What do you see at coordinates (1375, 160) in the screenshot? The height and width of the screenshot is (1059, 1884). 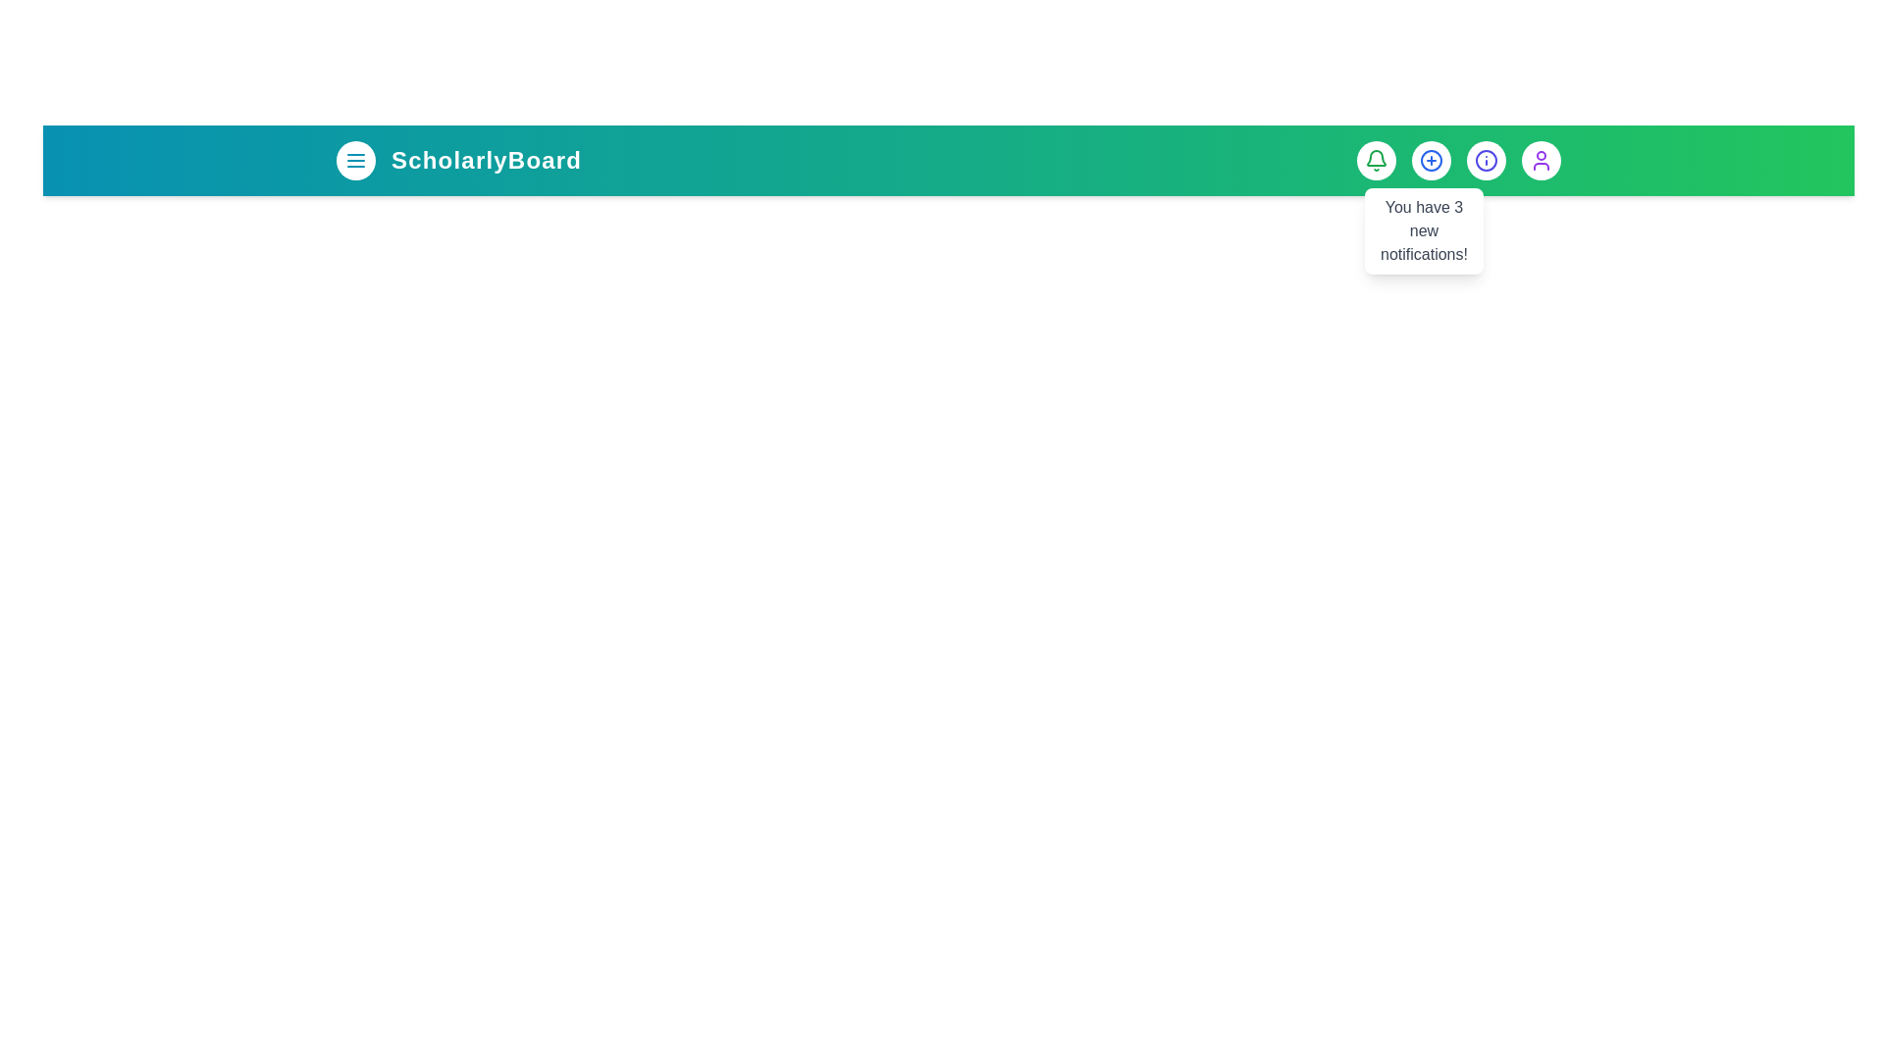 I see `the notification button to toggle the dropdown` at bounding box center [1375, 160].